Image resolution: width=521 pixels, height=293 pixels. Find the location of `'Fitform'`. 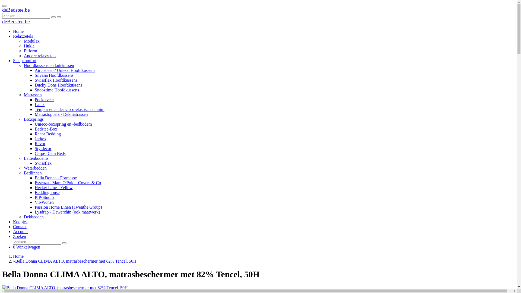

'Fitform' is located at coordinates (30, 51).